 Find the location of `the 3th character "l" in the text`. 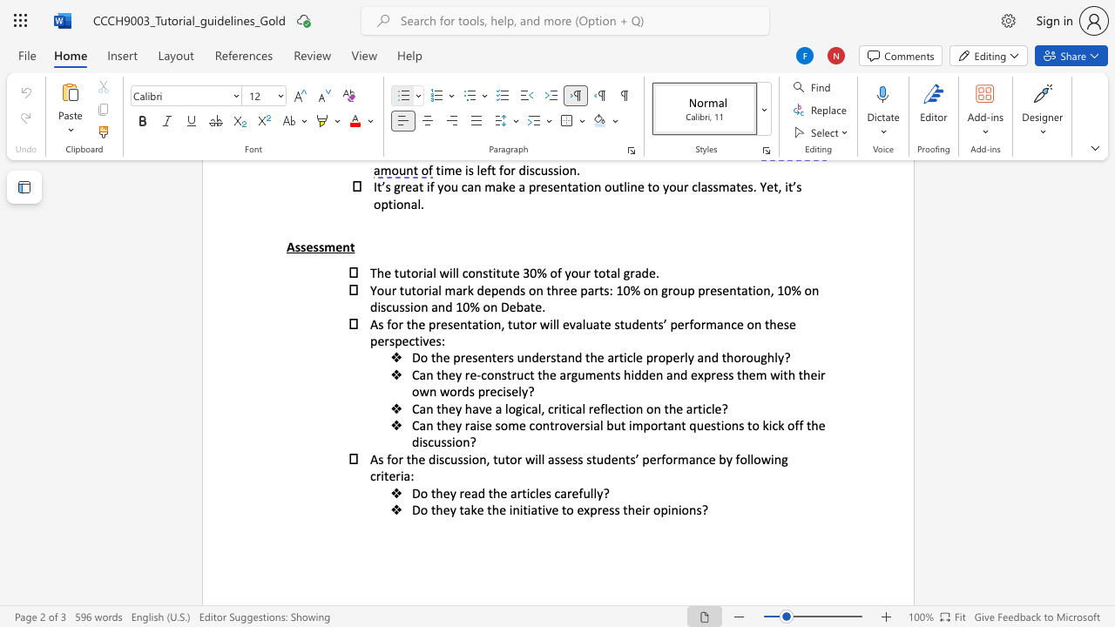

the 3th character "l" in the text is located at coordinates (748, 458).